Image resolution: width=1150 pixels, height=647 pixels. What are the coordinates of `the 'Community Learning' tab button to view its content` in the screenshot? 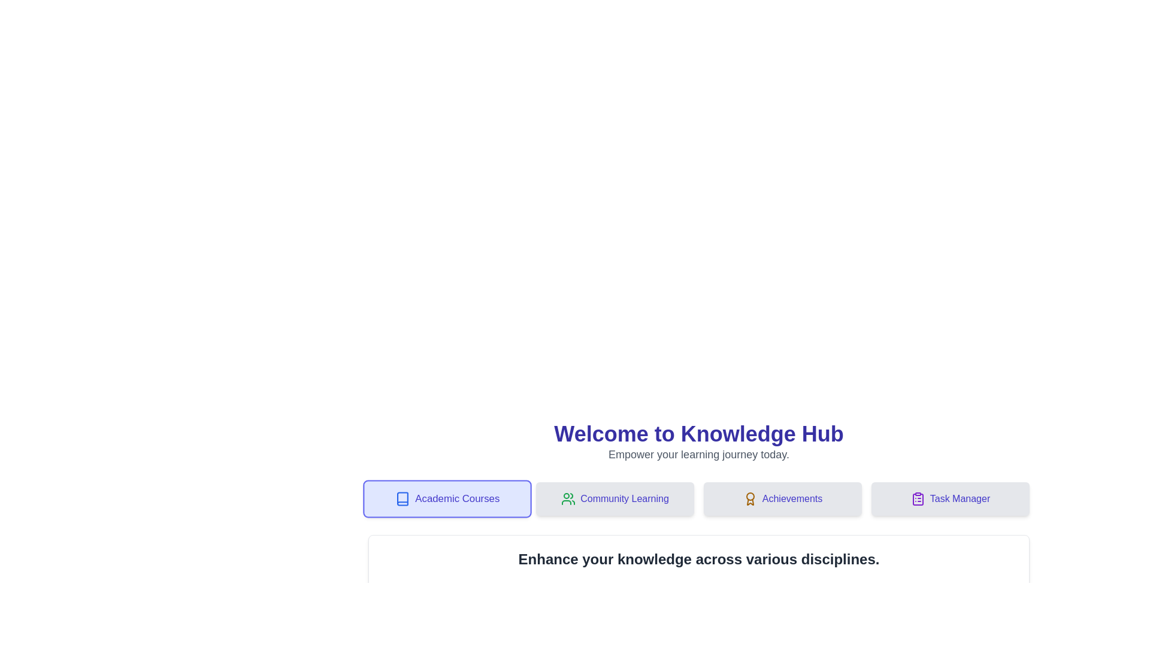 It's located at (615, 499).